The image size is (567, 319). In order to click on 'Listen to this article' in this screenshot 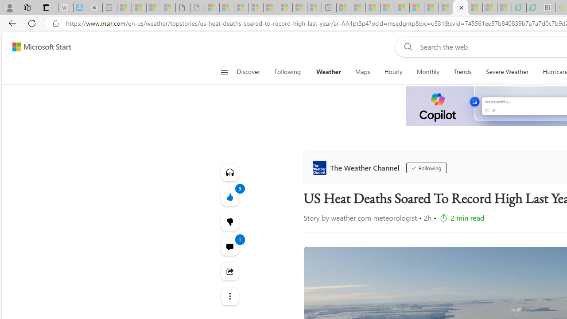, I will do `click(229, 172)`.